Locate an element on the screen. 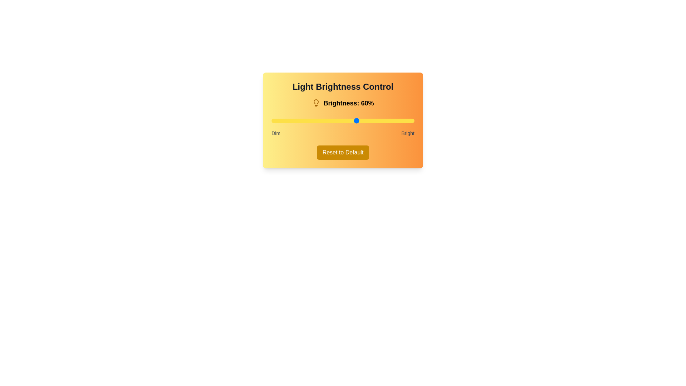 This screenshot has height=386, width=686. the lightbulb icon to observe its appearance is located at coordinates (316, 103).